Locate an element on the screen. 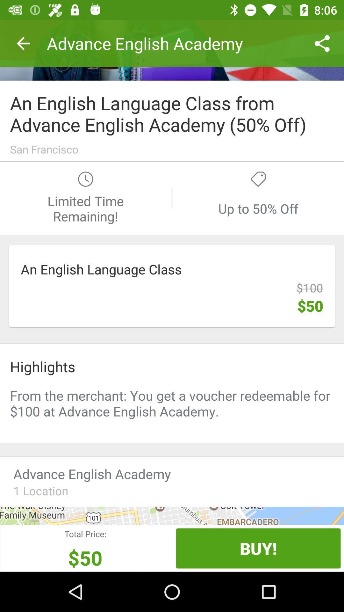 The width and height of the screenshot is (344, 612). advance english academy go back and shear is located at coordinates (172, 50).